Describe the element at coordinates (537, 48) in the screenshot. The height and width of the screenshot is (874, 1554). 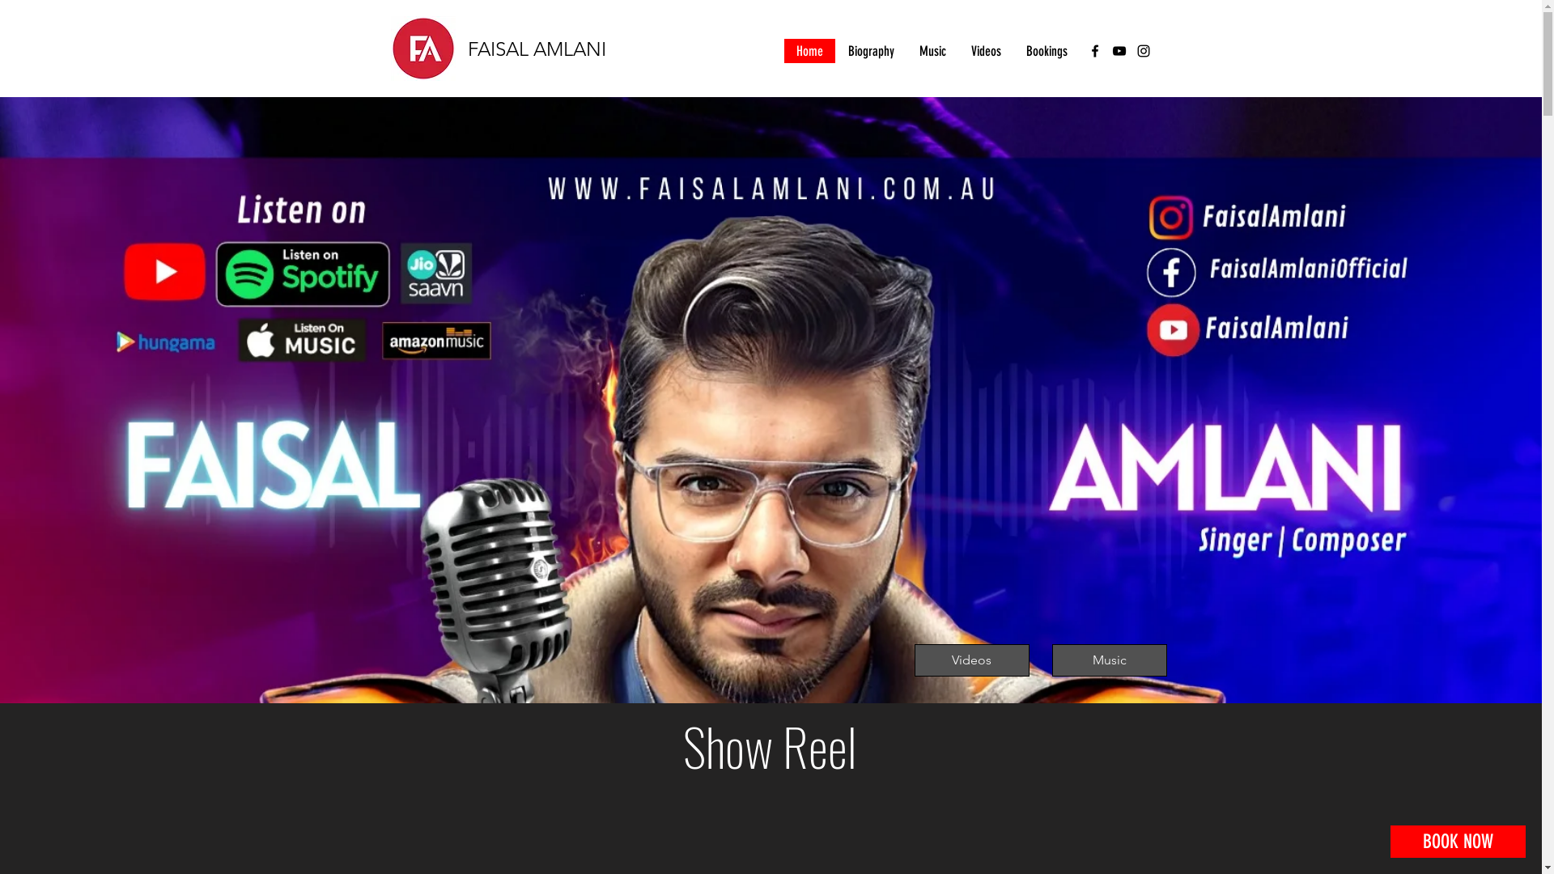
I see `'FAISAL AMLANI'` at that location.